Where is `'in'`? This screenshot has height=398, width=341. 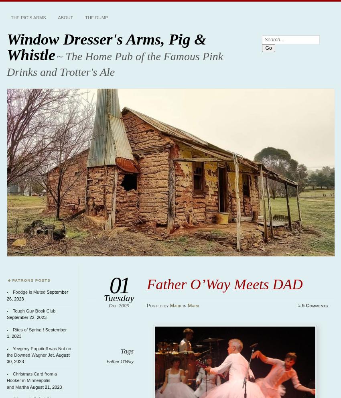 'in' is located at coordinates (184, 305).